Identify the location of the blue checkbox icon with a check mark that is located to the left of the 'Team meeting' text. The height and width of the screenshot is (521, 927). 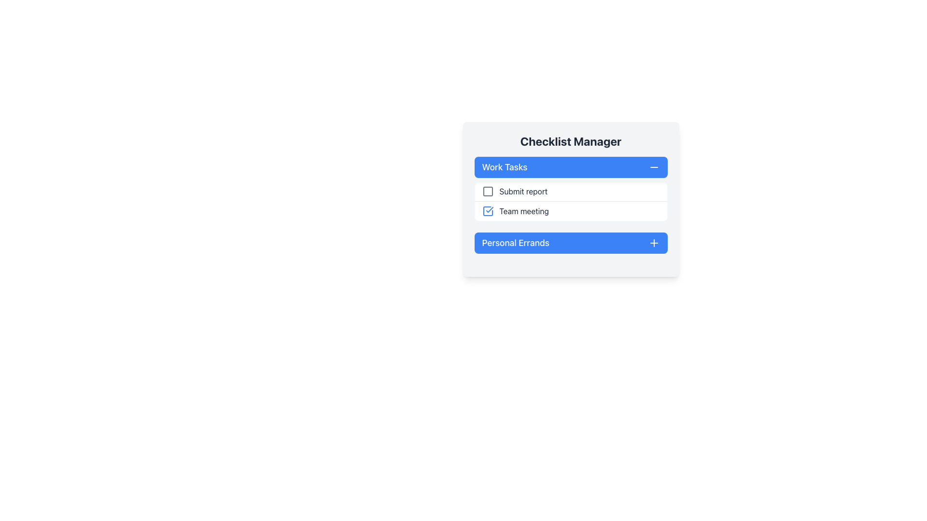
(488, 211).